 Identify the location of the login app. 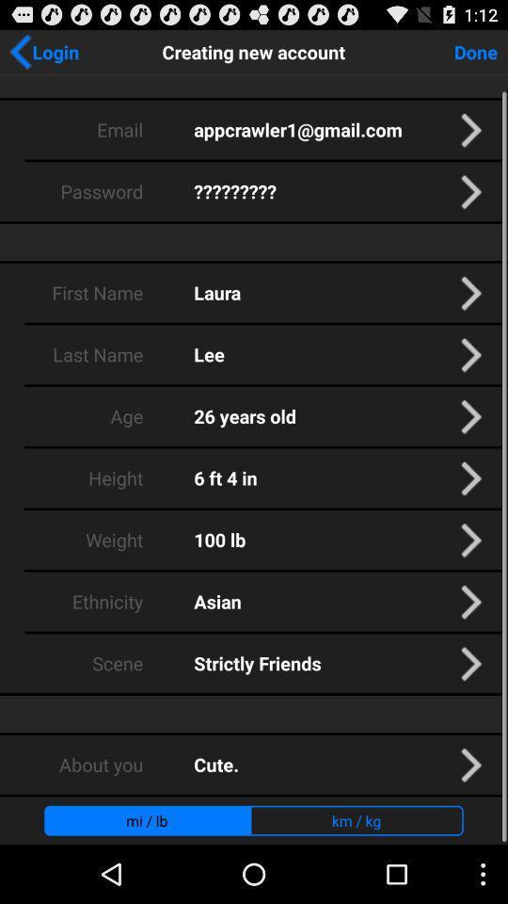
(43, 51).